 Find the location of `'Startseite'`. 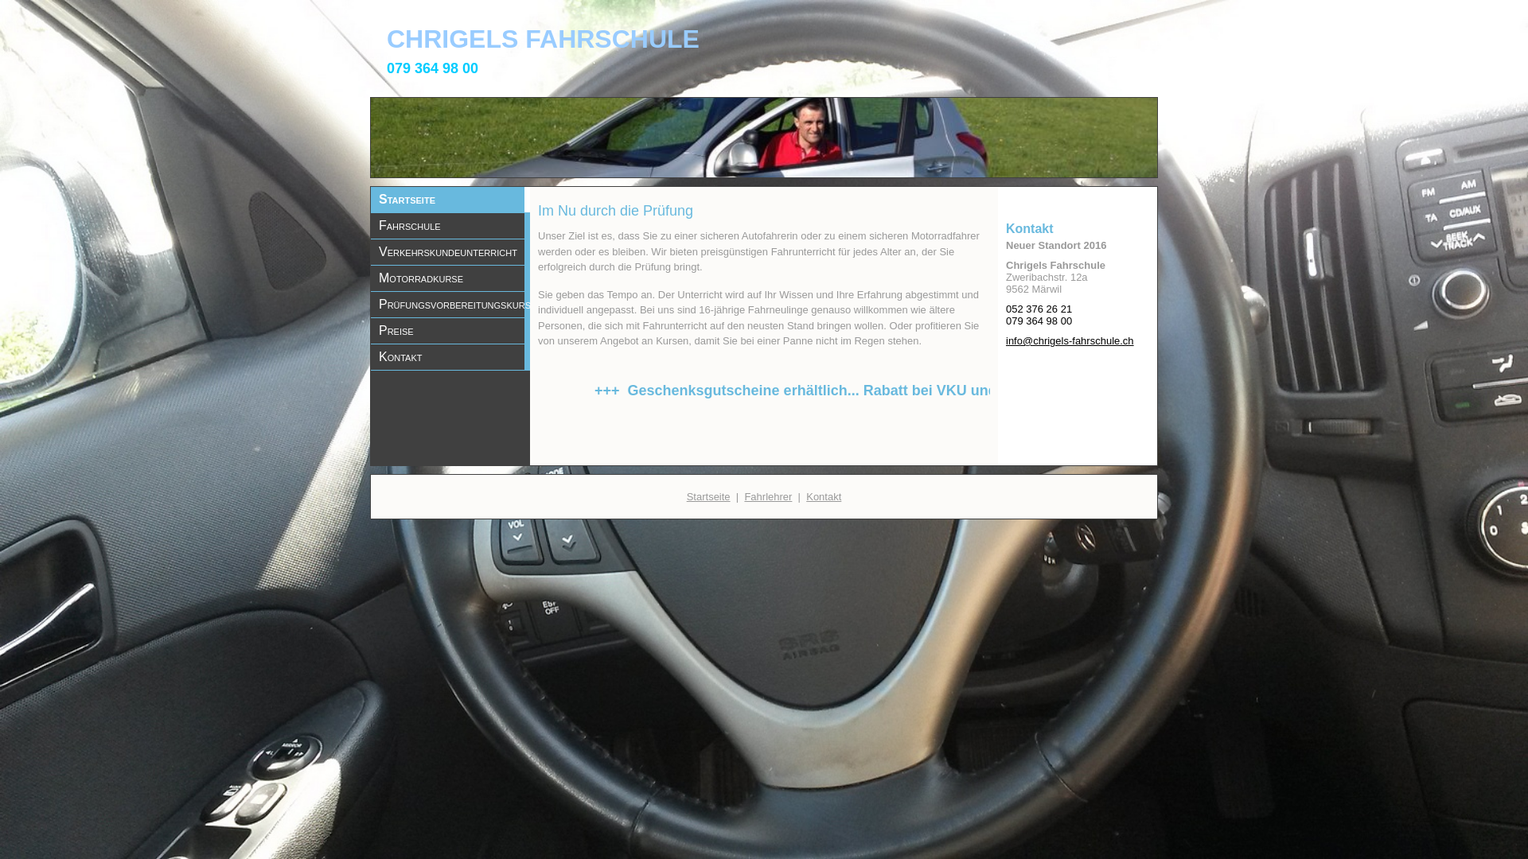

'Startseite' is located at coordinates (707, 495).